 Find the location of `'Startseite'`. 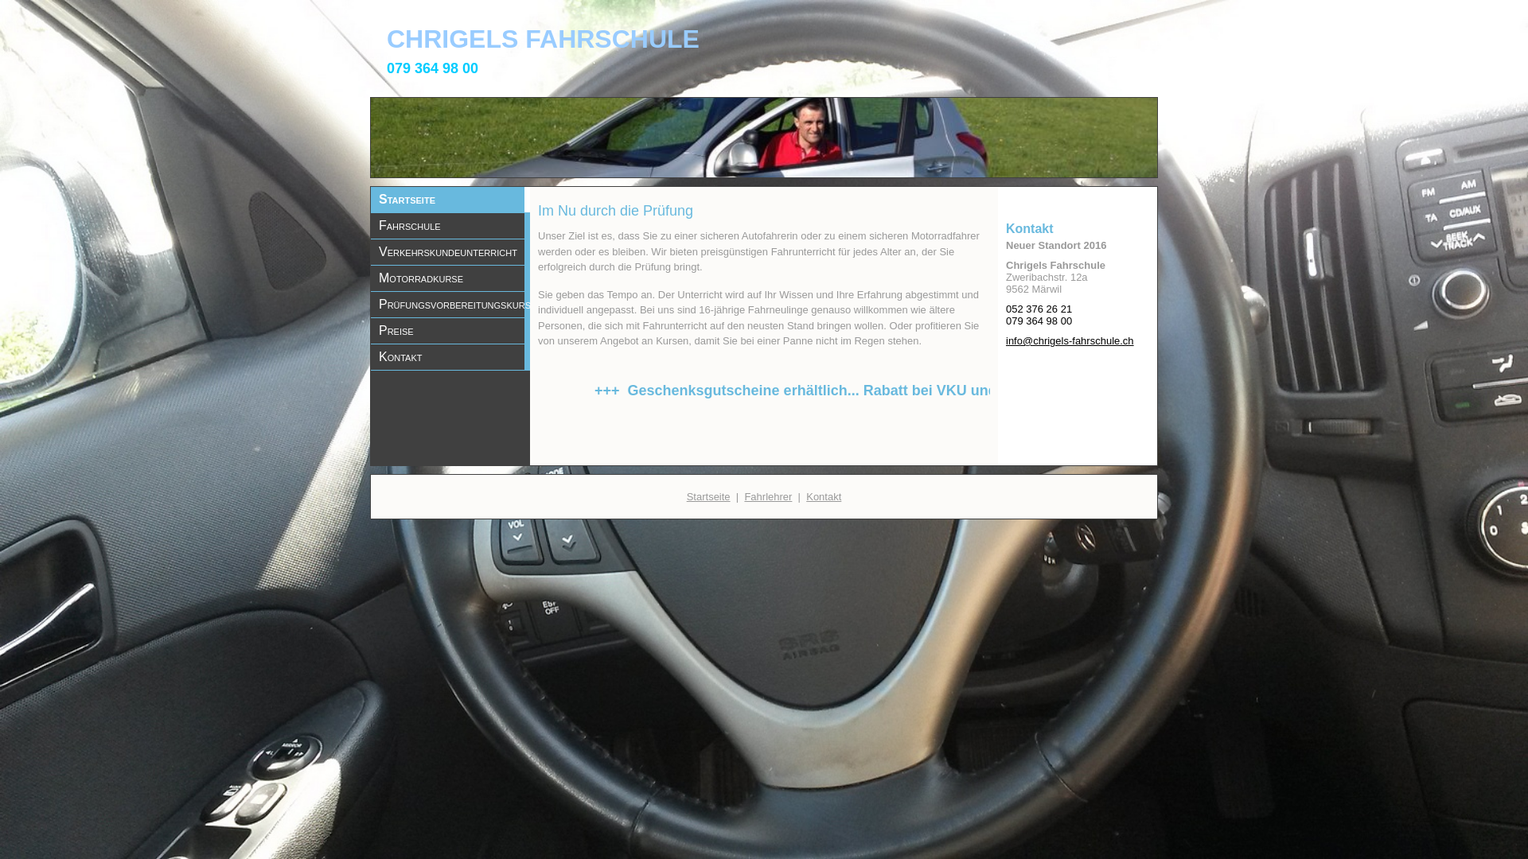

'Startseite' is located at coordinates (707, 495).